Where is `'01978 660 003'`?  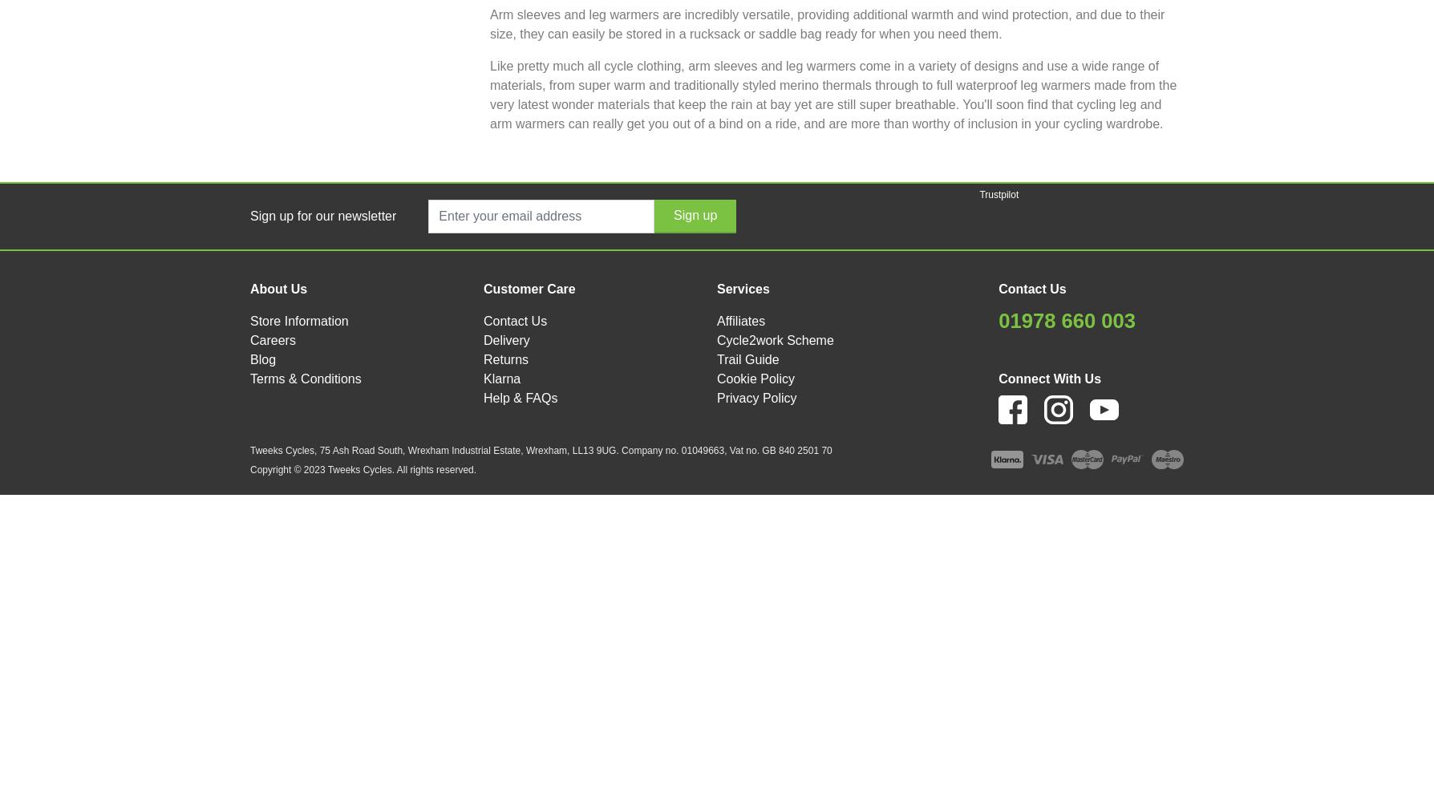
'01978 660 003' is located at coordinates (1066, 320).